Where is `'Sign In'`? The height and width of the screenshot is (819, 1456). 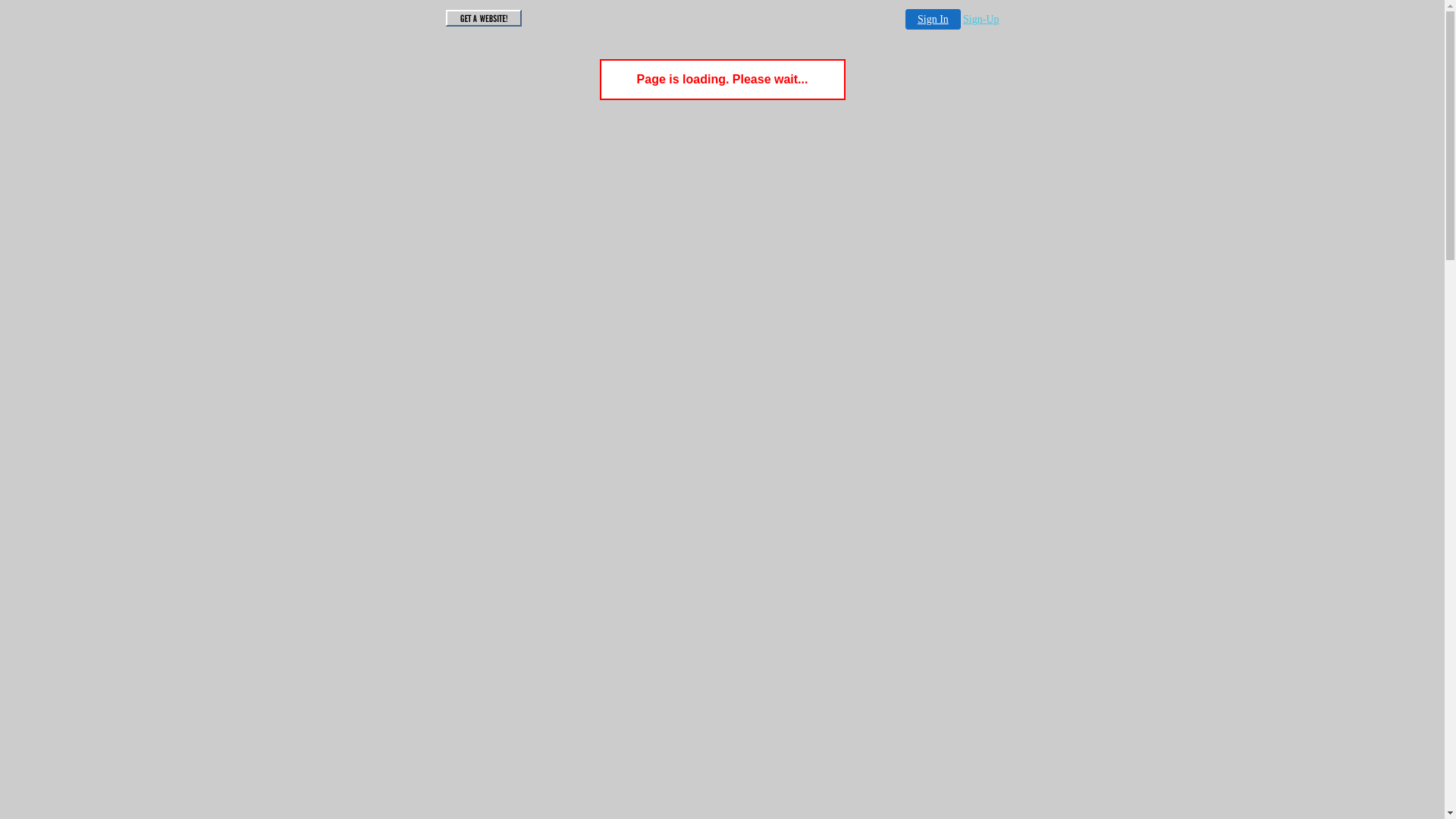
'Sign In' is located at coordinates (932, 19).